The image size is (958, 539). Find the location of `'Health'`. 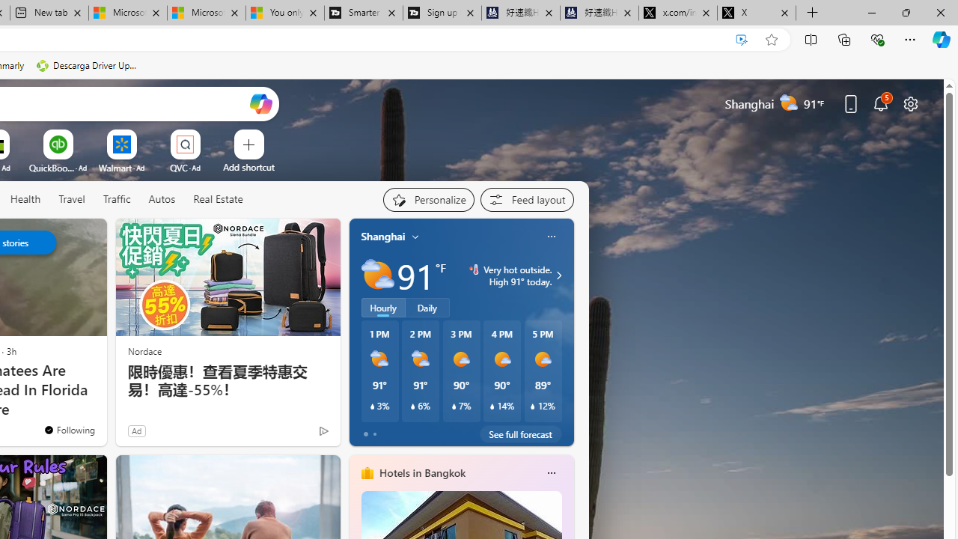

'Health' is located at coordinates (25, 198).